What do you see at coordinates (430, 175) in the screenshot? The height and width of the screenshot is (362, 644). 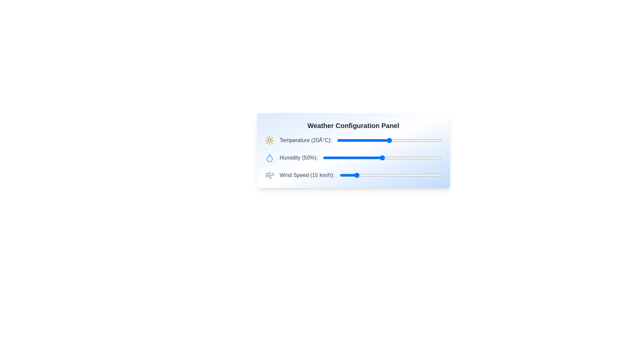 I see `the wind speed slider to 88 km/h` at bounding box center [430, 175].